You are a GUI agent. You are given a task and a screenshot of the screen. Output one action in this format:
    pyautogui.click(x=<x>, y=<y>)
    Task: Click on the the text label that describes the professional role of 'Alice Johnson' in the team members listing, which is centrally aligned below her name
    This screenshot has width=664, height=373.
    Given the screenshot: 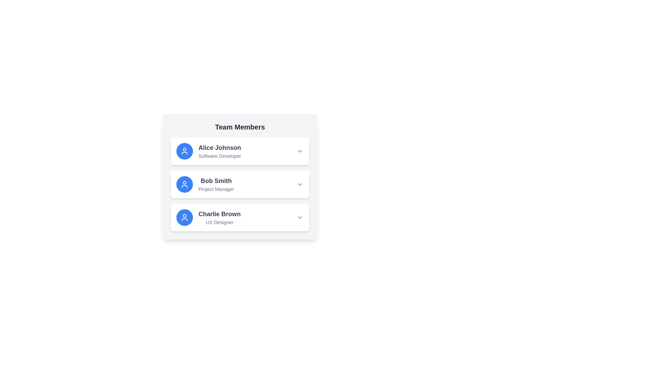 What is the action you would take?
    pyautogui.click(x=219, y=156)
    